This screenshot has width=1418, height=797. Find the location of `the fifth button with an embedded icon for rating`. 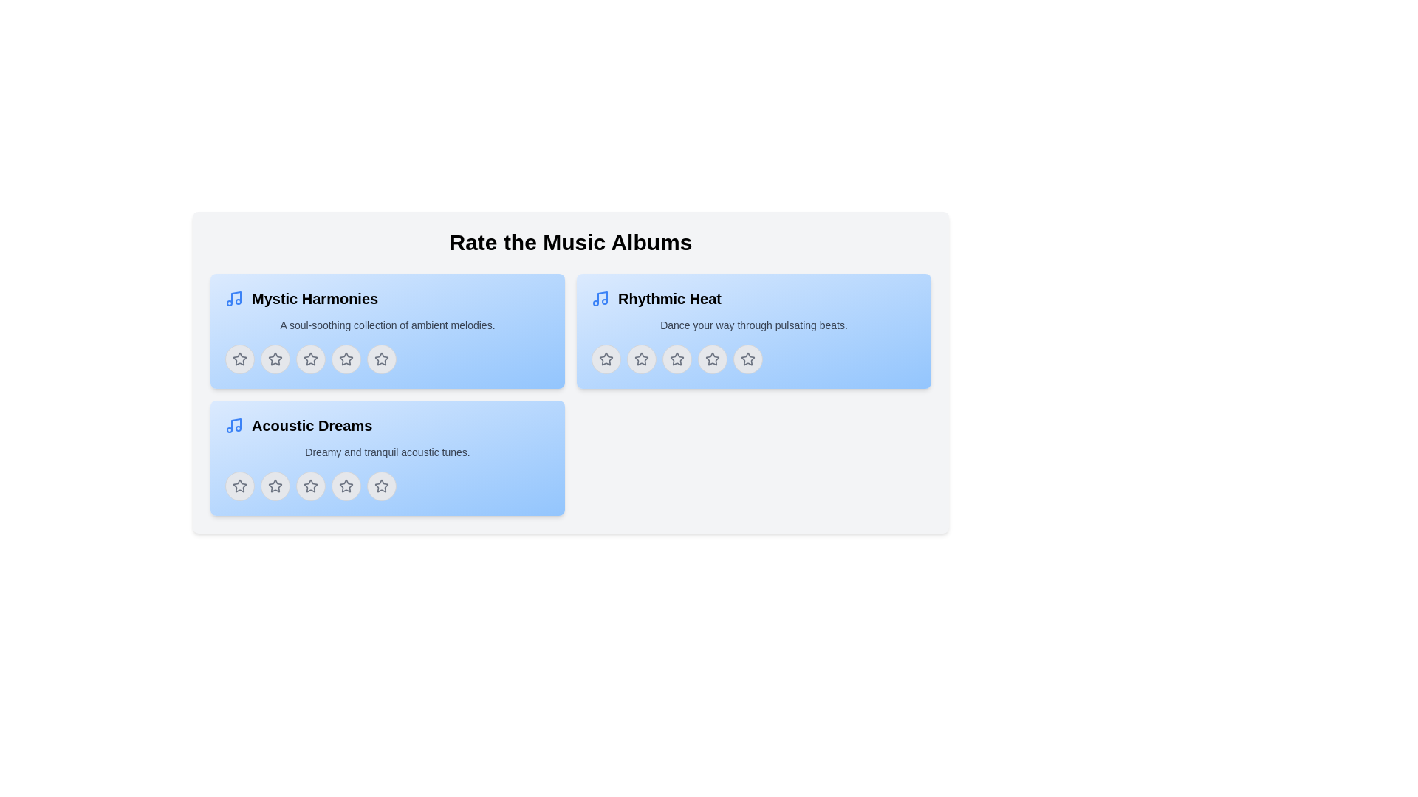

the fifth button with an embedded icon for rating is located at coordinates (382, 359).